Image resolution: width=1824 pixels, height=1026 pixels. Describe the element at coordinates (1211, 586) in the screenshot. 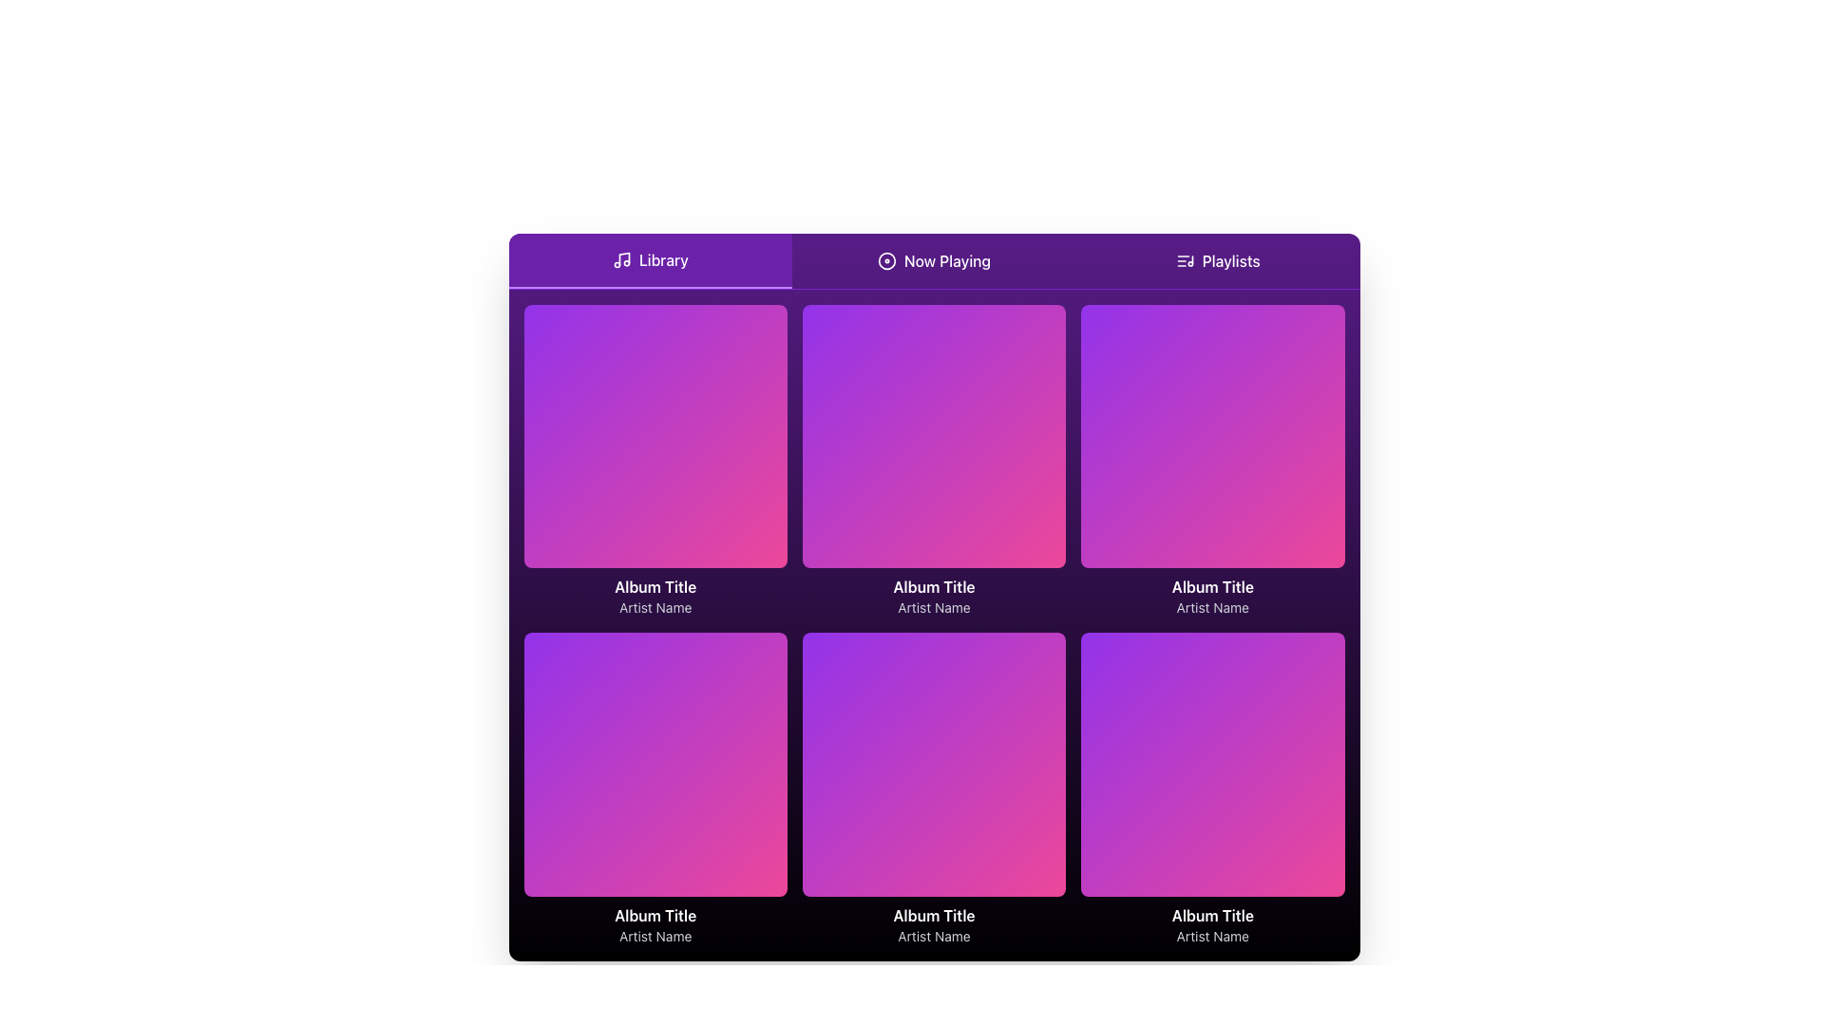

I see `text displayed in the music album title label located in the third column of the top row of the grid layout, above the artist's name and centered below a square thumbnail` at that location.